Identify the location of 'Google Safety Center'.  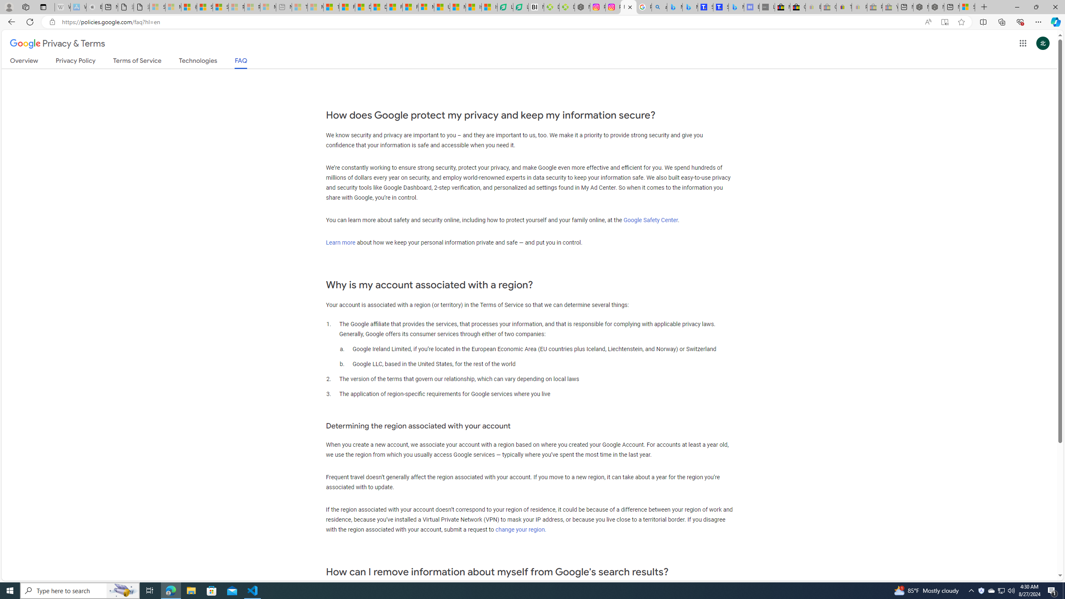
(651, 220).